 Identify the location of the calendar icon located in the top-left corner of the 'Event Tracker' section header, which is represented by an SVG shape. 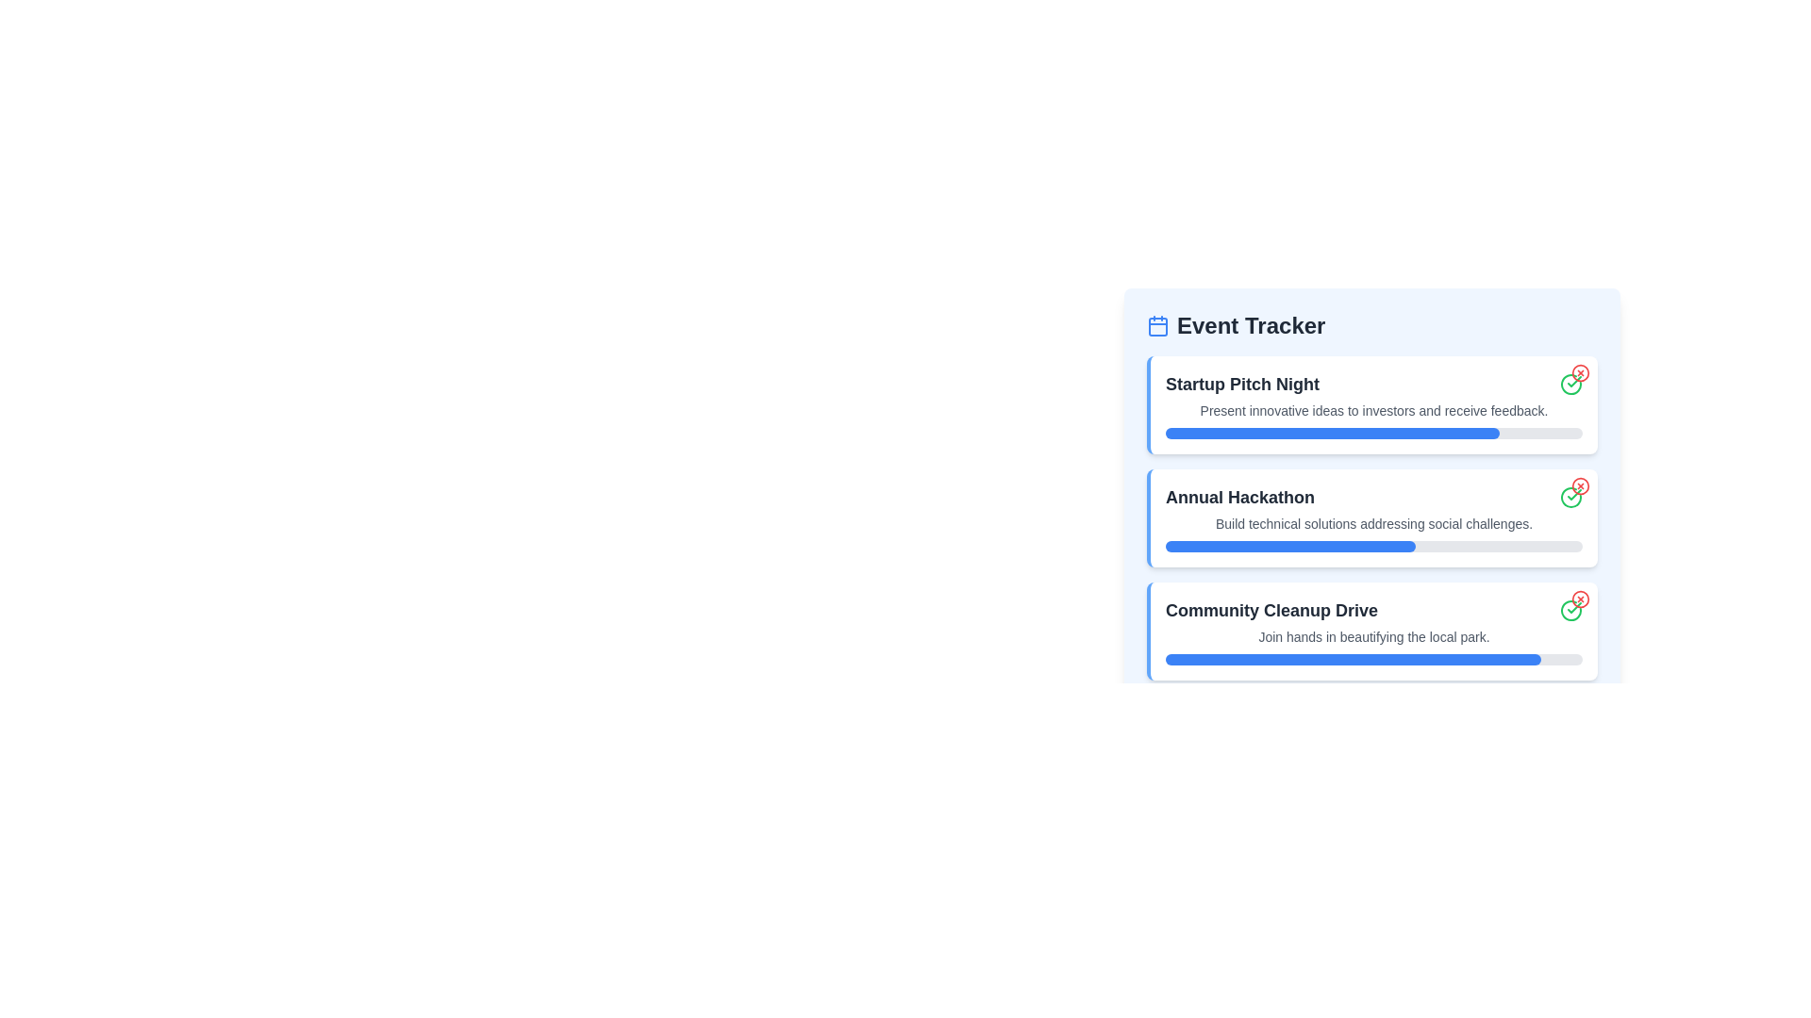
(1157, 326).